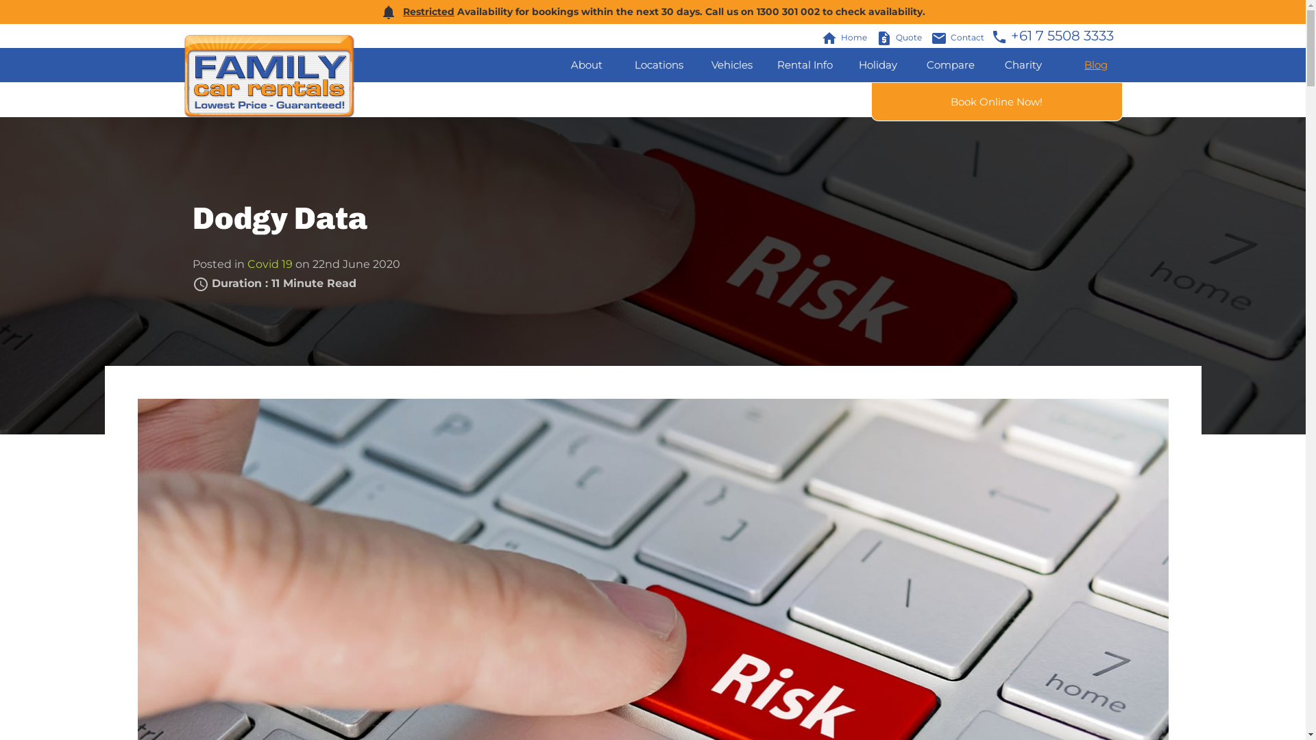 The height and width of the screenshot is (740, 1316). Describe the element at coordinates (1095, 65) in the screenshot. I see `'Blog'` at that location.